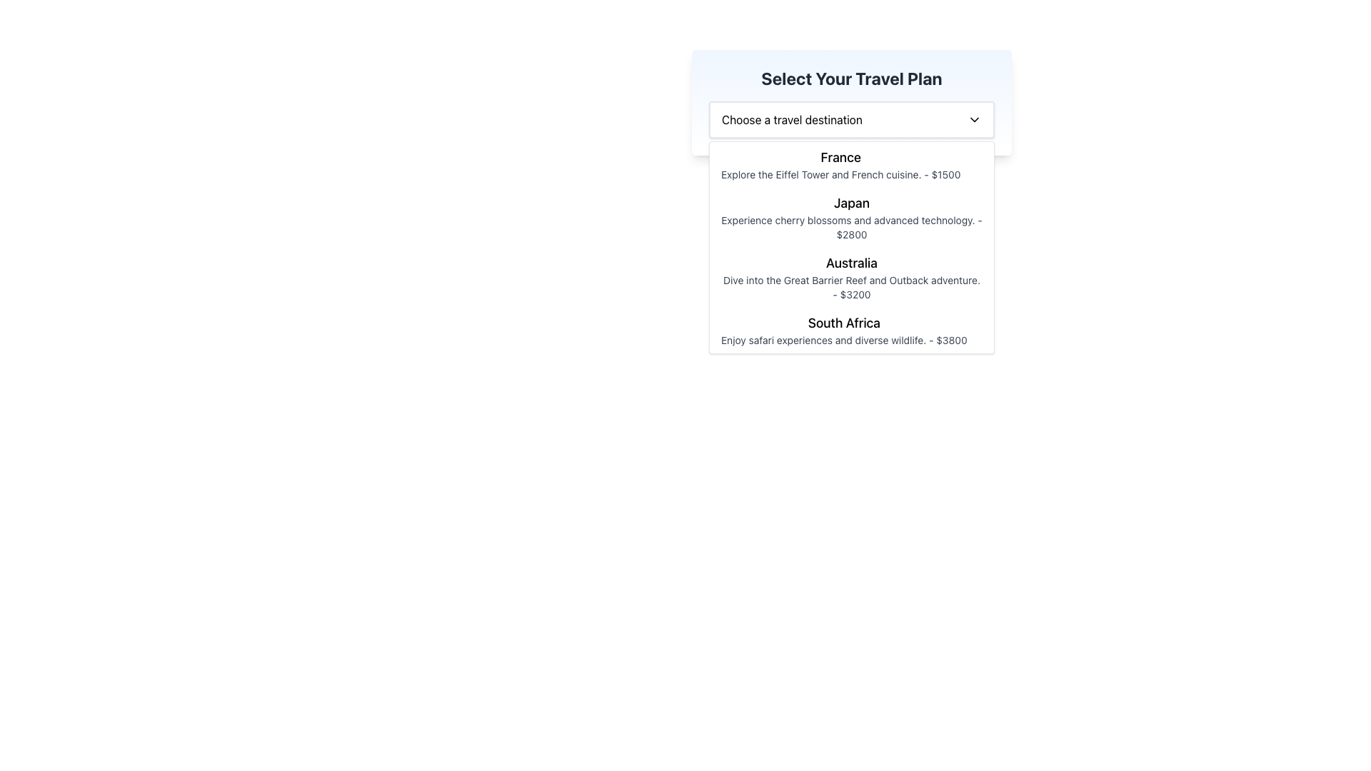 This screenshot has height=771, width=1371. What do you see at coordinates (852, 164) in the screenshot?
I see `the travel option list item labeled 'France'` at bounding box center [852, 164].